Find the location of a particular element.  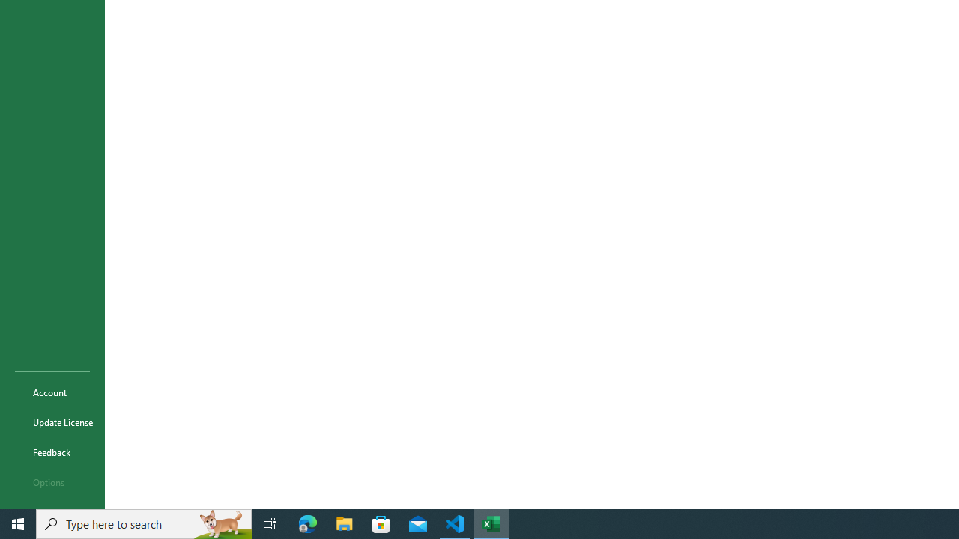

'Account' is located at coordinates (52, 392).